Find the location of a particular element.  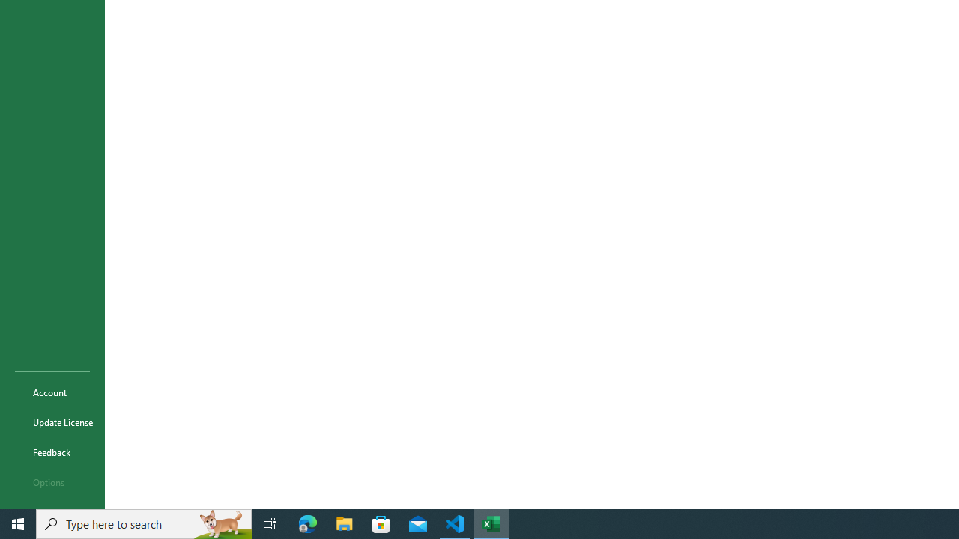

'Account' is located at coordinates (52, 392).